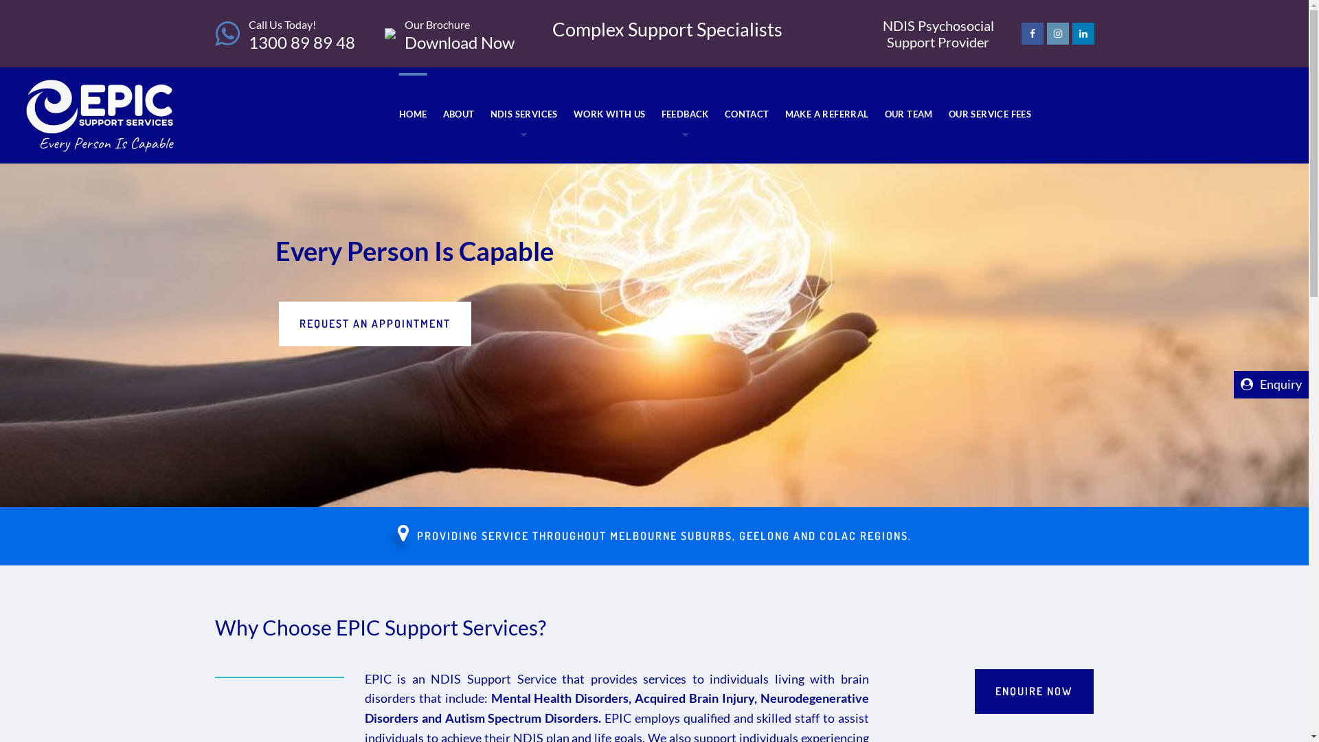 The image size is (1319, 742). What do you see at coordinates (881, 33) in the screenshot?
I see `'NDIS Psychosocial` at bounding box center [881, 33].